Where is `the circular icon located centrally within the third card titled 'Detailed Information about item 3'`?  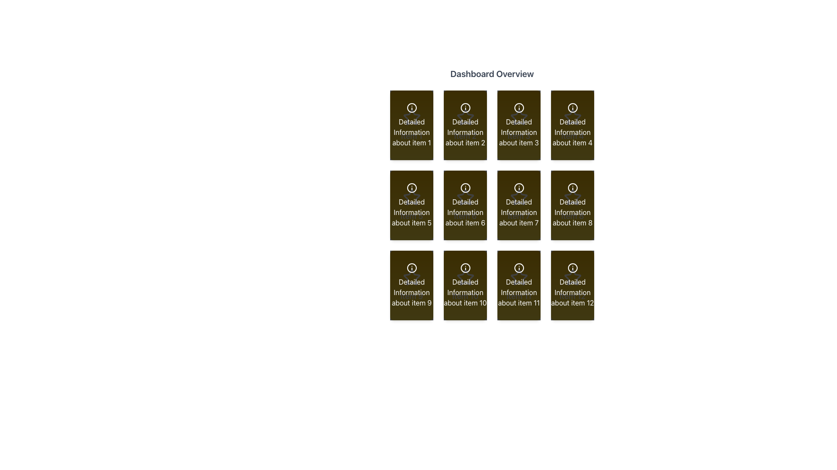 the circular icon located centrally within the third card titled 'Detailed Information about item 3' is located at coordinates (519, 107).